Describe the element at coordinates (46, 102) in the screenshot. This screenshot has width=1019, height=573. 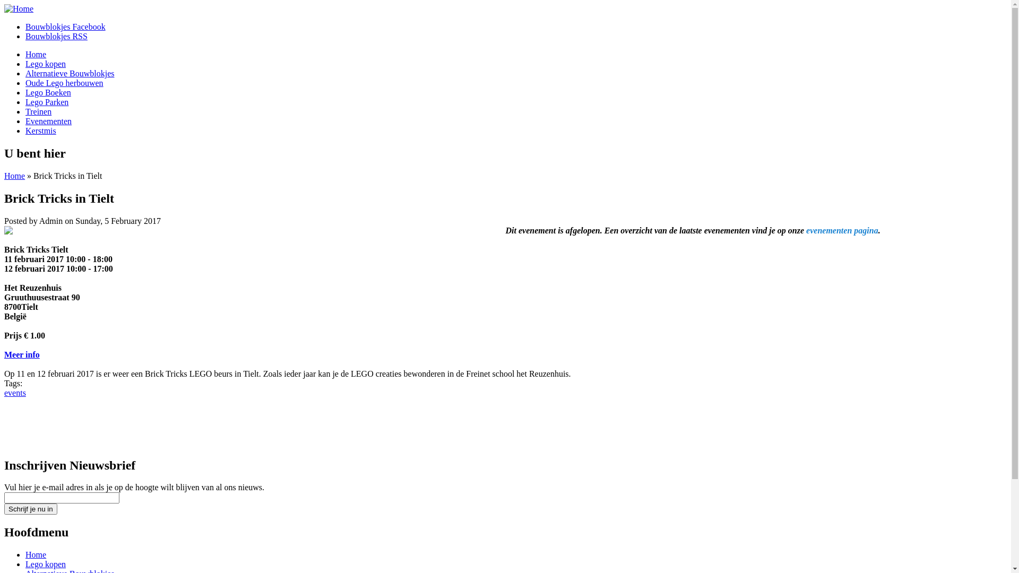
I see `'Lego Parken'` at that location.